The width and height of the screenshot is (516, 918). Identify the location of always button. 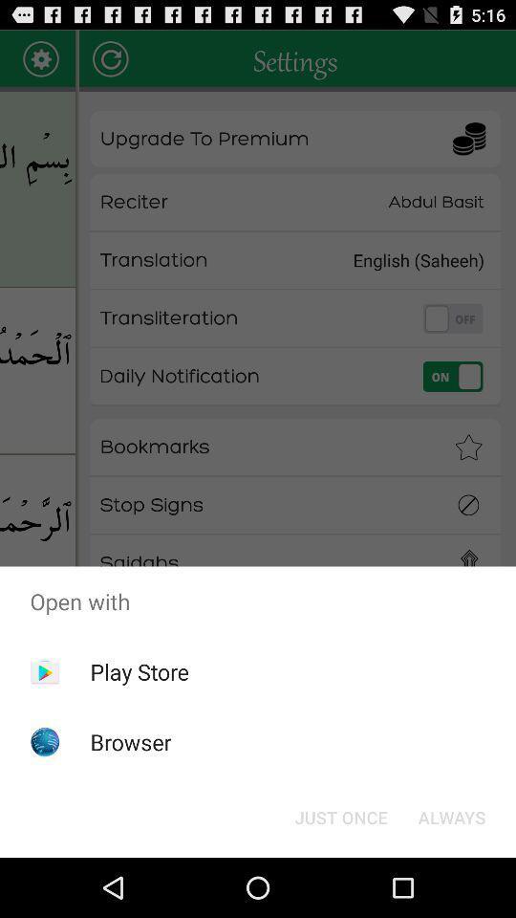
(451, 816).